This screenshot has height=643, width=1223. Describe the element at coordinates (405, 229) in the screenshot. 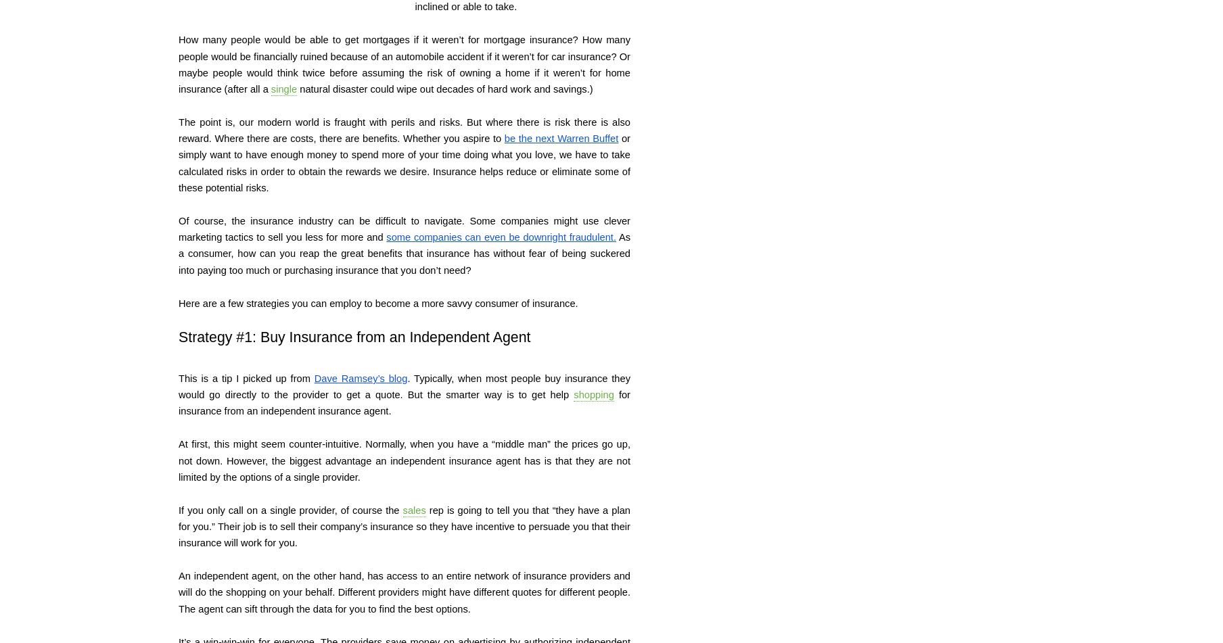

I see `'Of course, the insurance industry can be difficult to navigate. Some companies might use clever marketing tactics to sell you less for more and'` at that location.